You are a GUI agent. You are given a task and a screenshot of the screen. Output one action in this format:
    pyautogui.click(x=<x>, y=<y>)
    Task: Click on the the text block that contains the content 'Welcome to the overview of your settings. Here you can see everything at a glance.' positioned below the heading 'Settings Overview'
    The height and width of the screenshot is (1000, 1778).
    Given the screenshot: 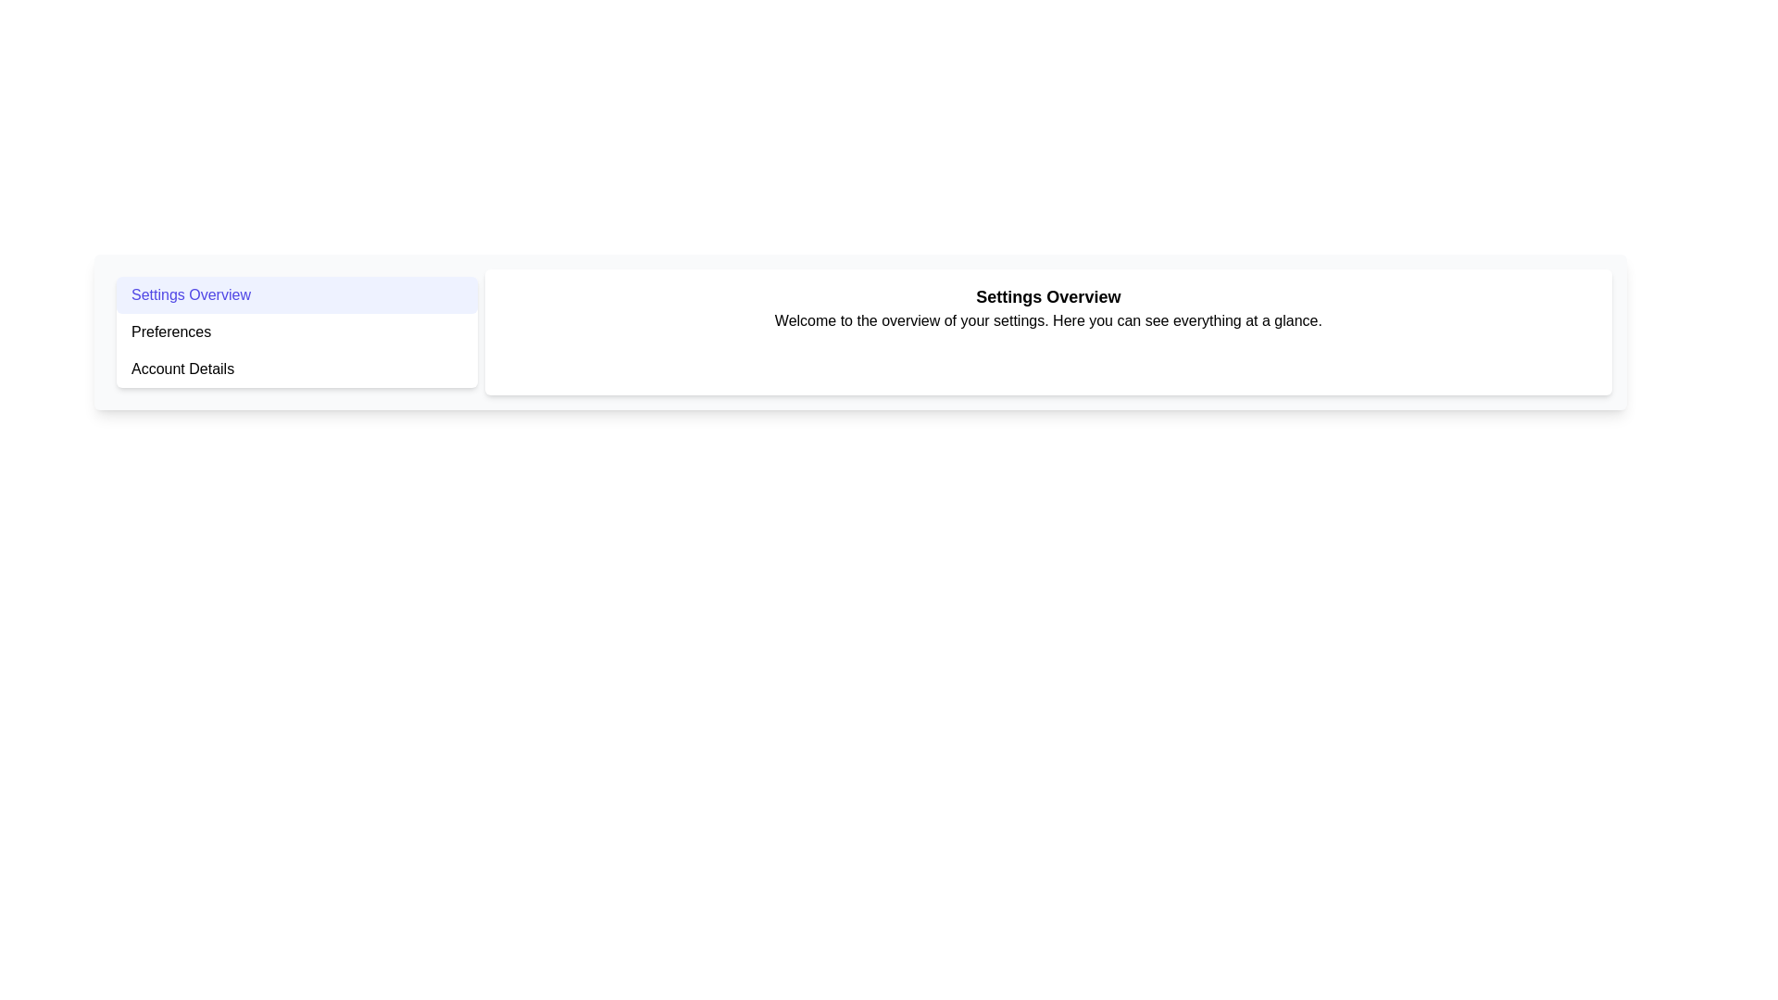 What is the action you would take?
    pyautogui.click(x=1048, y=320)
    